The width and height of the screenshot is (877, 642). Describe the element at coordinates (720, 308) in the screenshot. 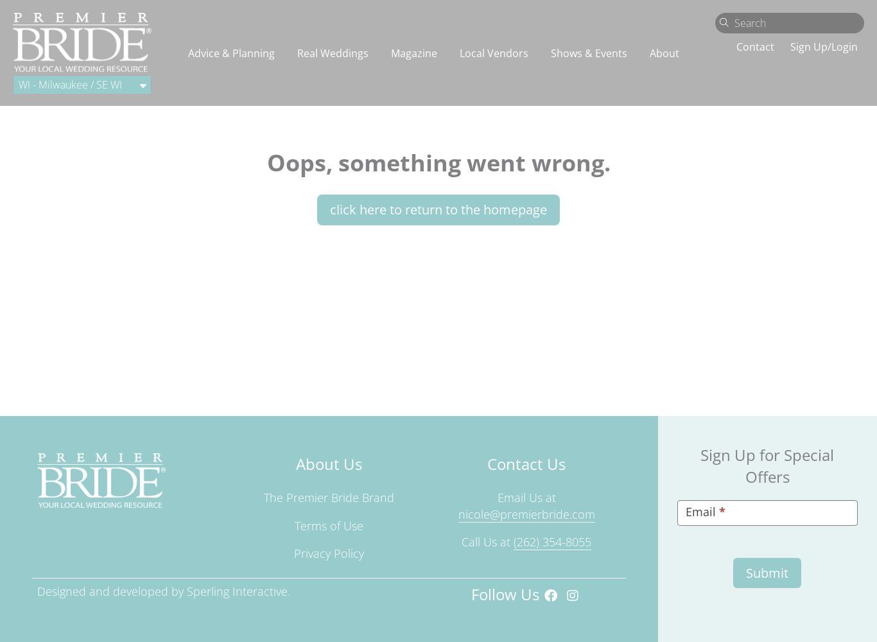

I see `'- Ceremony Sites & Chapels'` at that location.